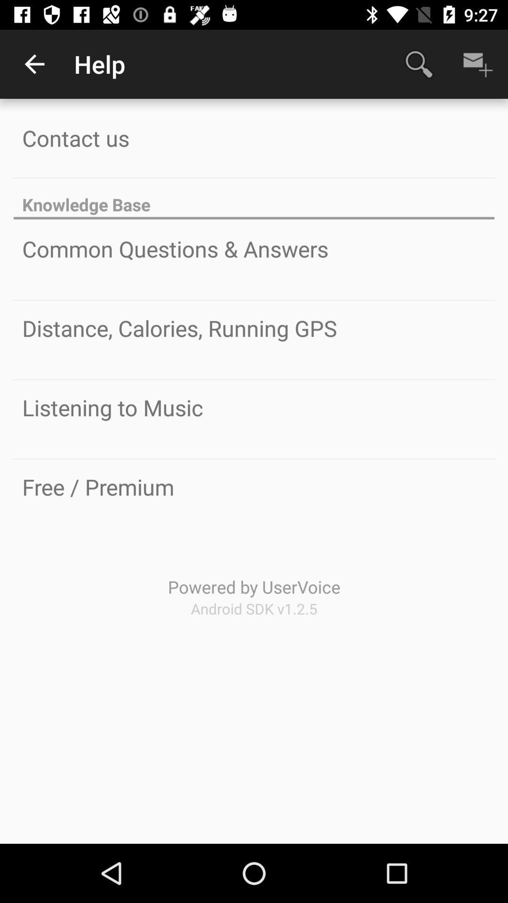 The width and height of the screenshot is (508, 903). I want to click on the android sdk v1 item, so click(254, 609).